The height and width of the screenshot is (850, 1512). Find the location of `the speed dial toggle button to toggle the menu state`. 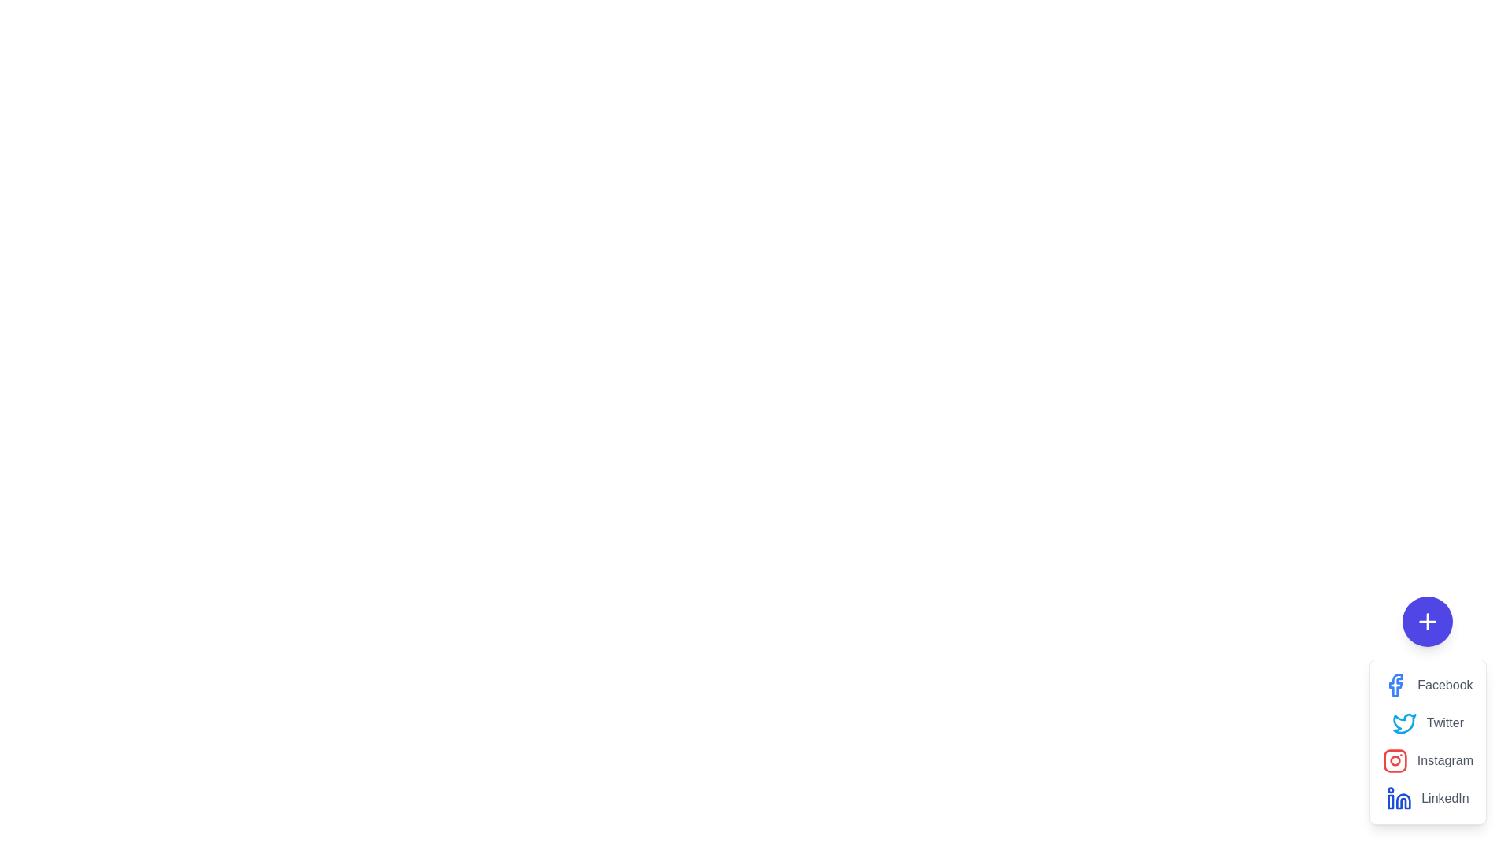

the speed dial toggle button to toggle the menu state is located at coordinates (1428, 621).